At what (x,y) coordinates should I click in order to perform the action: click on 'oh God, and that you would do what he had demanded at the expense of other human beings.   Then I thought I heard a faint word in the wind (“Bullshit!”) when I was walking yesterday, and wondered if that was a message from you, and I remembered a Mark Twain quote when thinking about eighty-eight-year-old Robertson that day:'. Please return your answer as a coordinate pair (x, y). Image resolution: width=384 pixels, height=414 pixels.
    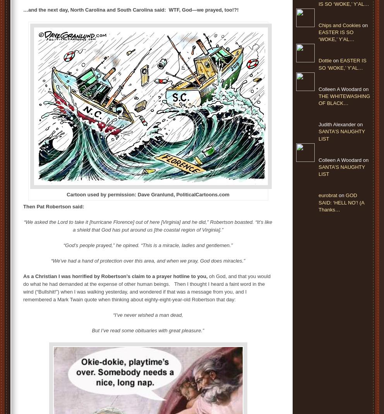
    Looking at the image, I should click on (147, 287).